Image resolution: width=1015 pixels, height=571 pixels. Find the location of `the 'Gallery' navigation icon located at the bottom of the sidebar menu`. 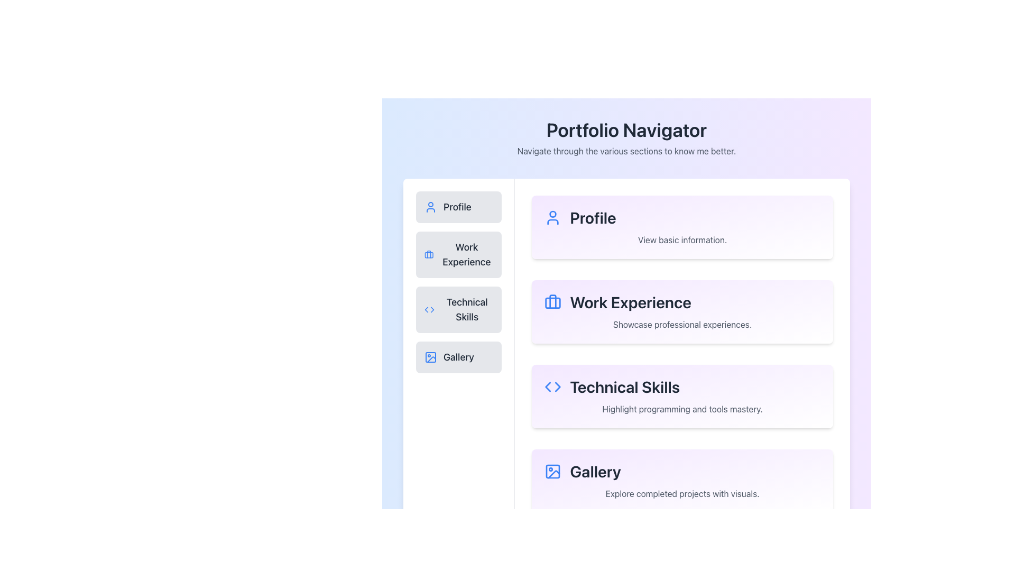

the 'Gallery' navigation icon located at the bottom of the sidebar menu is located at coordinates (431, 357).